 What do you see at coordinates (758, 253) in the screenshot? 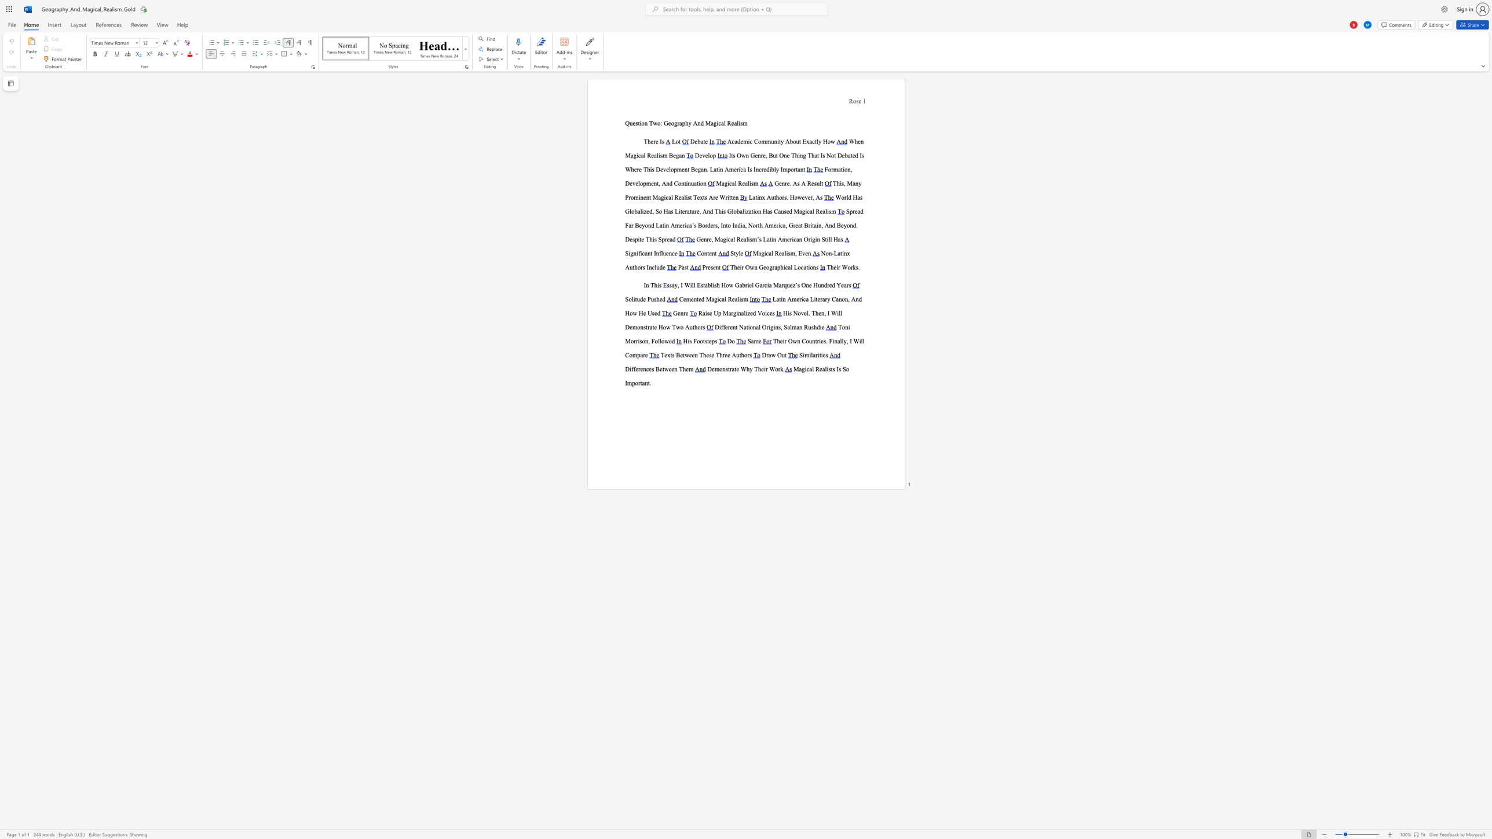
I see `the subset text "agica" within the text "Magical Realism, Even"` at bounding box center [758, 253].